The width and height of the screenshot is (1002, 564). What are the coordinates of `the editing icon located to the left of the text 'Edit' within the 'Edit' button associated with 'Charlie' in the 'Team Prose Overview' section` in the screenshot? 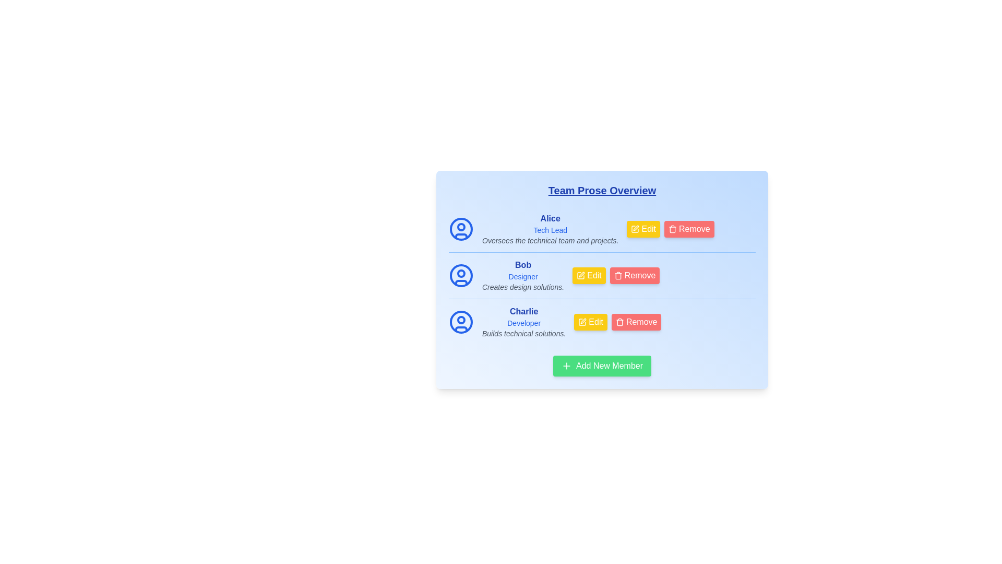 It's located at (582, 322).